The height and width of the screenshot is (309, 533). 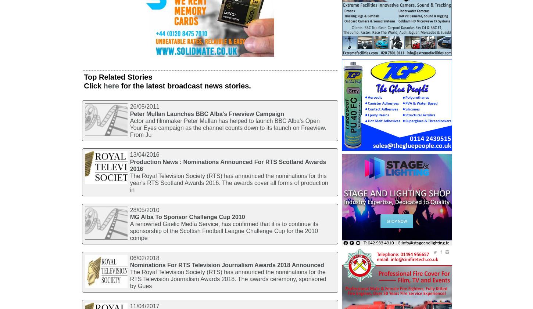 I want to click on '26/05/2011', so click(x=144, y=106).